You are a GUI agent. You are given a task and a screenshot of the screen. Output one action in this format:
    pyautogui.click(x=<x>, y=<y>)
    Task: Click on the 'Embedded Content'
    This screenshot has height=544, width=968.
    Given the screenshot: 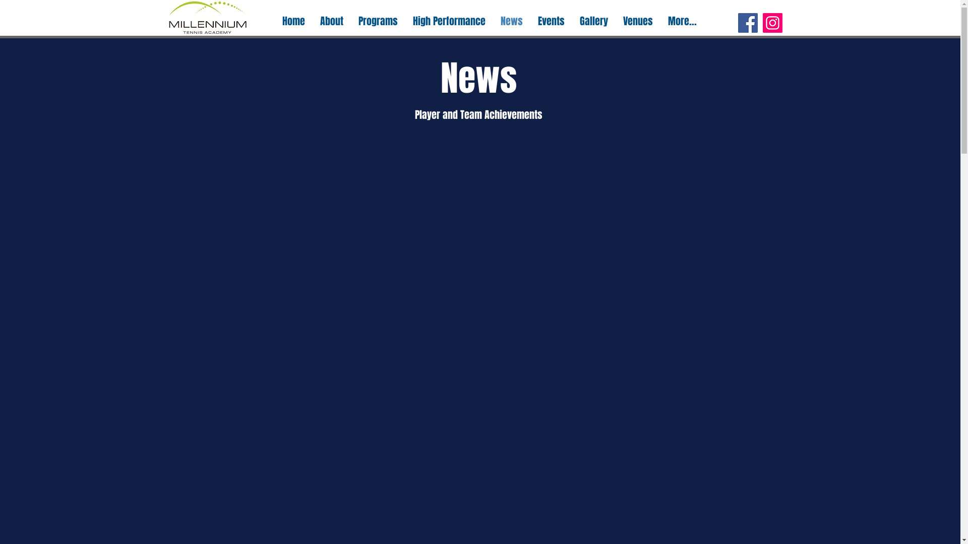 What is the action you would take?
    pyautogui.click(x=480, y=320)
    